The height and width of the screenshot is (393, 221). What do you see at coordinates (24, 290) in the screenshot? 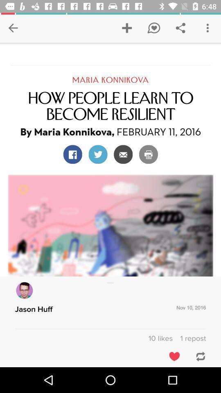
I see `the avatar icon` at bounding box center [24, 290].